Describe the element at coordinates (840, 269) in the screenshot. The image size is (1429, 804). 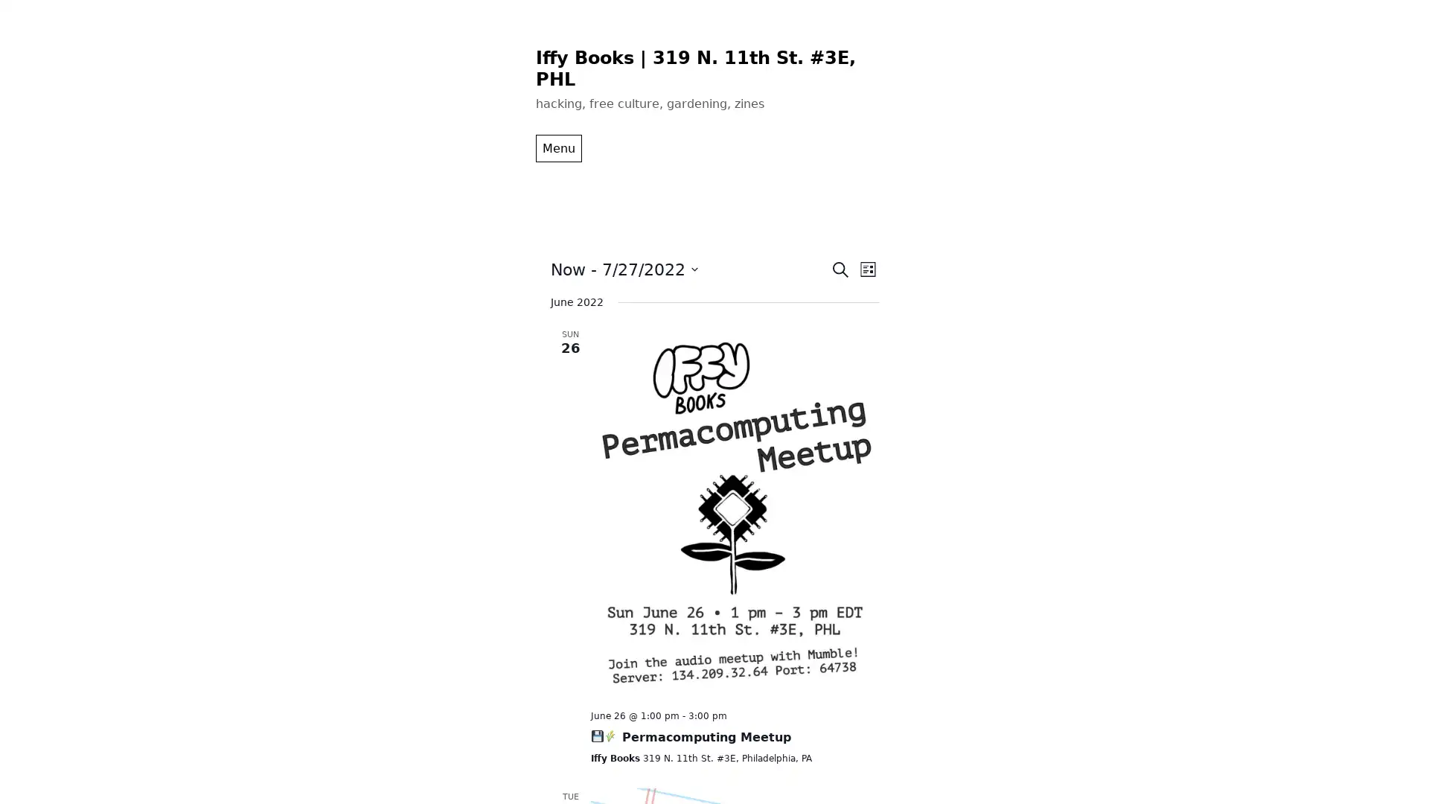
I see `Search` at that location.